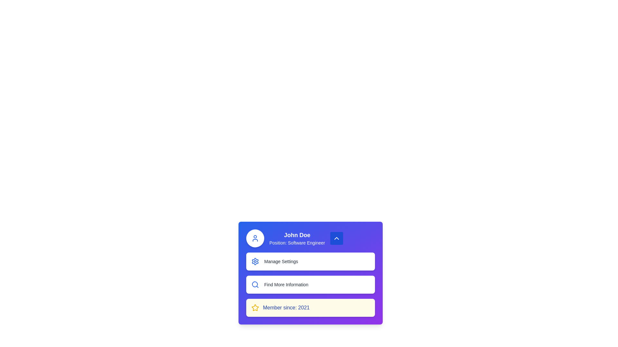  What do you see at coordinates (281, 261) in the screenshot?
I see `the text label located to the right of the gear icon in the vertical menu for managing account or interface settings` at bounding box center [281, 261].